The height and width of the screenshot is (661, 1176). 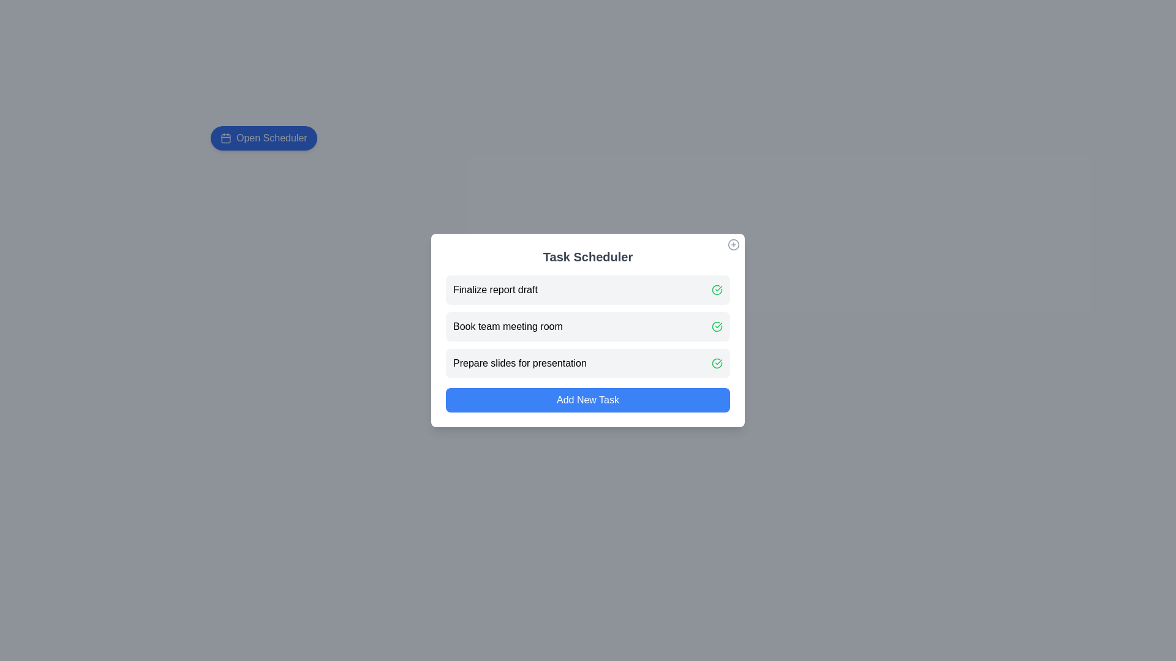 What do you see at coordinates (717, 290) in the screenshot?
I see `the green circular icon with a checkmark inside, located to the far right within the 'Finalize report draft' row of the 'Task Scheduler' panel` at bounding box center [717, 290].